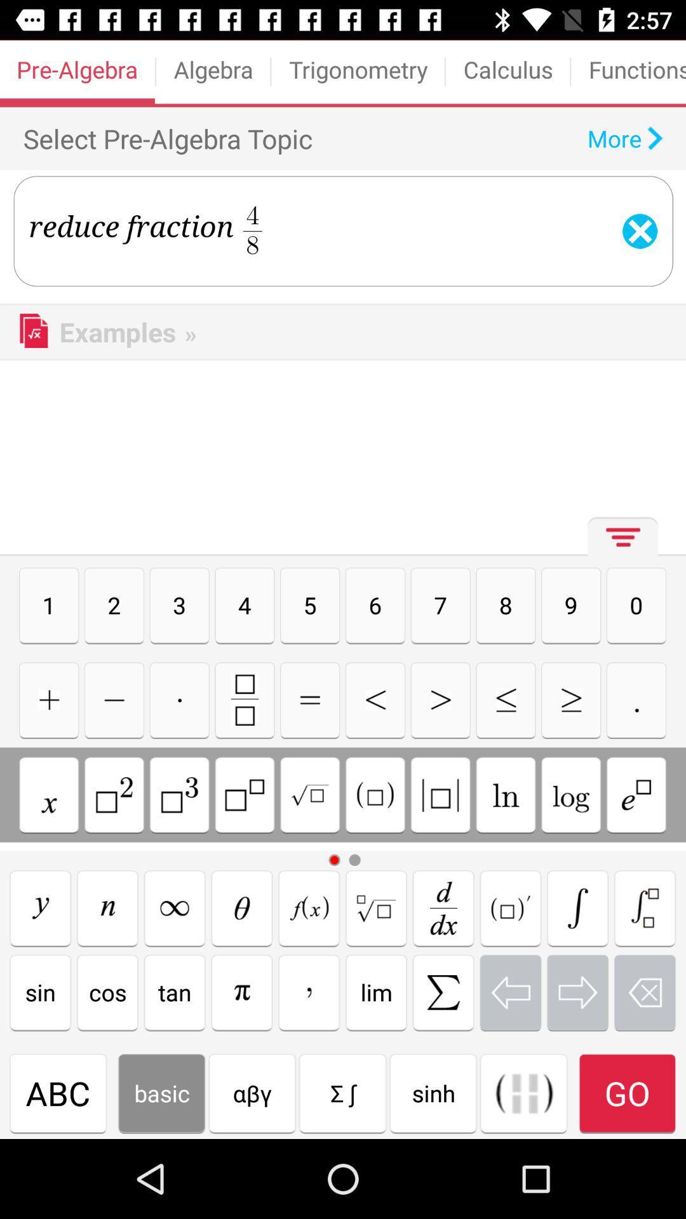 The image size is (686, 1219). I want to click on n, so click(107, 907).